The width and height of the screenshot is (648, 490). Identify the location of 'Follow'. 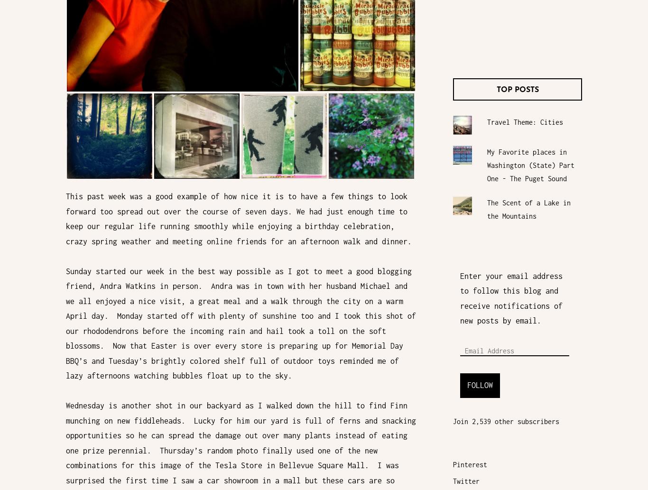
(467, 385).